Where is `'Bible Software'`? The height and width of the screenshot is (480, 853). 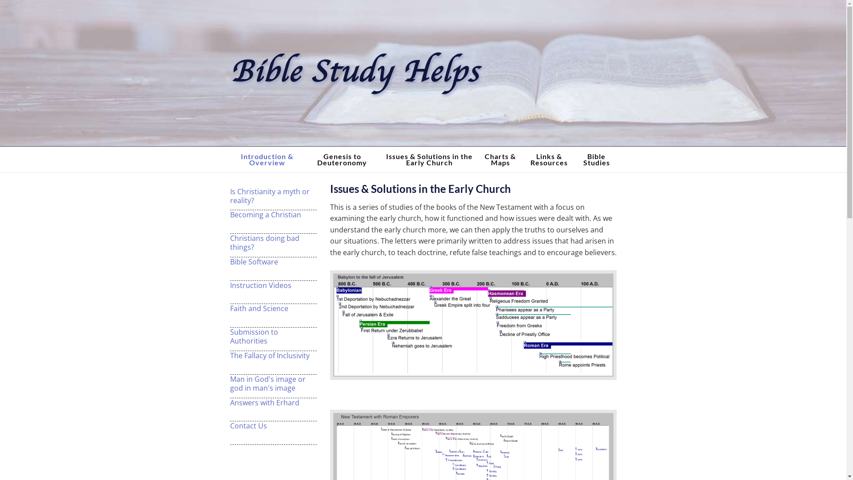 'Bible Software' is located at coordinates (273, 261).